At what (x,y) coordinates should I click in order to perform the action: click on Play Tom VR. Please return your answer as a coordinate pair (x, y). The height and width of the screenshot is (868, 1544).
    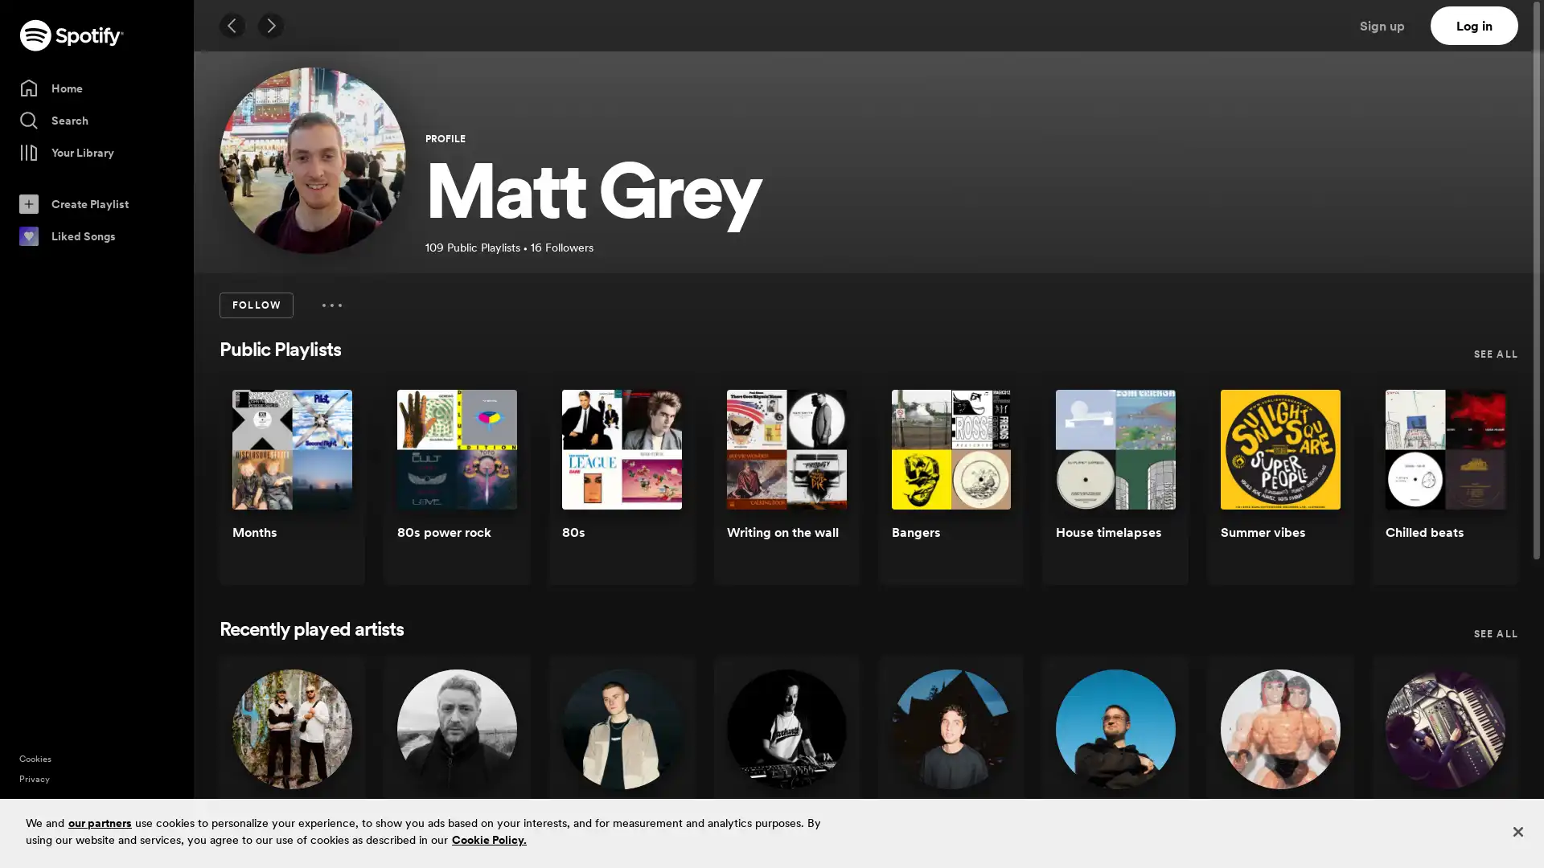
    Looking at the image, I should click on (1149, 768).